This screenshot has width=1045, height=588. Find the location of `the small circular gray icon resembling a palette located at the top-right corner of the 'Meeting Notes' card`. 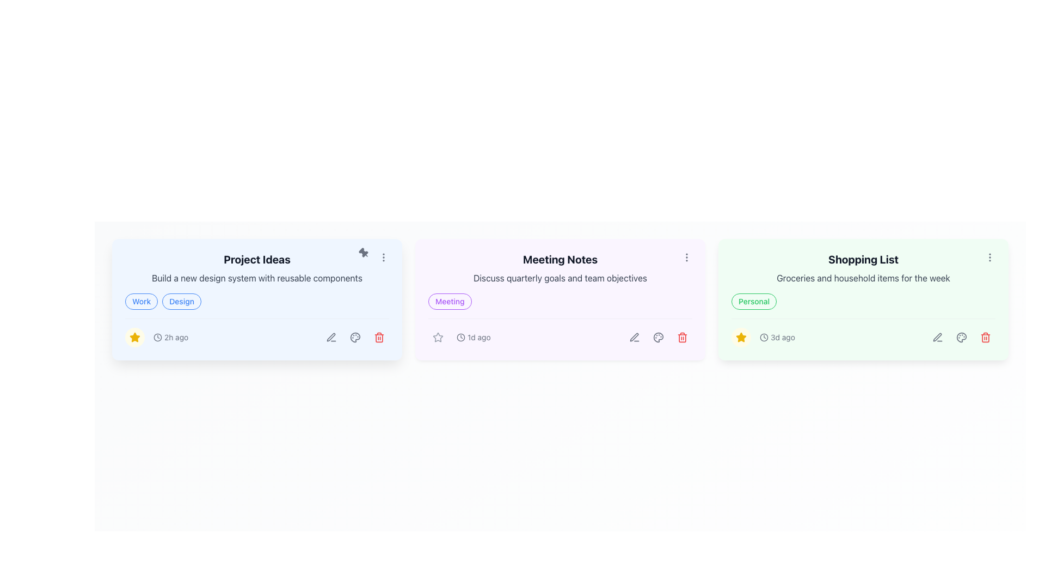

the small circular gray icon resembling a palette located at the top-right corner of the 'Meeting Notes' card is located at coordinates (657, 337).